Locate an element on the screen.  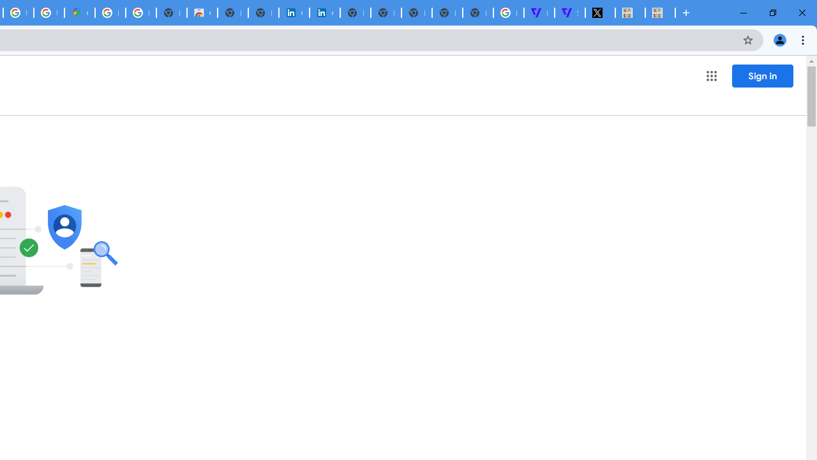
'Chrome Web Store' is located at coordinates (201, 13).